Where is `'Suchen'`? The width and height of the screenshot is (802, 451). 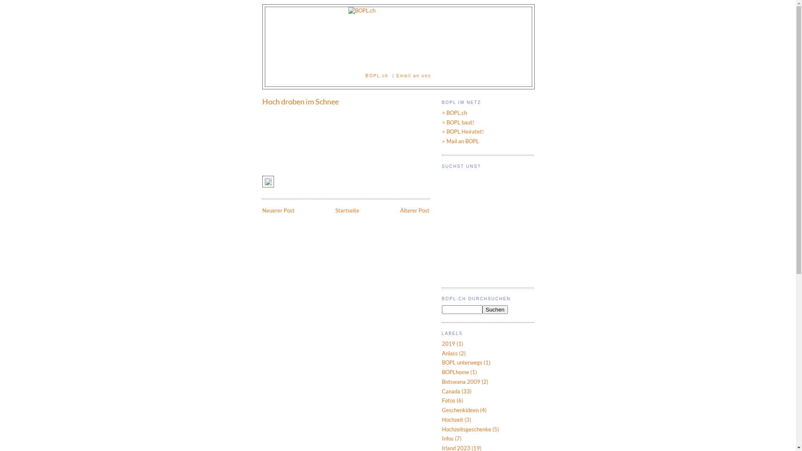 'Suchen' is located at coordinates (495, 309).